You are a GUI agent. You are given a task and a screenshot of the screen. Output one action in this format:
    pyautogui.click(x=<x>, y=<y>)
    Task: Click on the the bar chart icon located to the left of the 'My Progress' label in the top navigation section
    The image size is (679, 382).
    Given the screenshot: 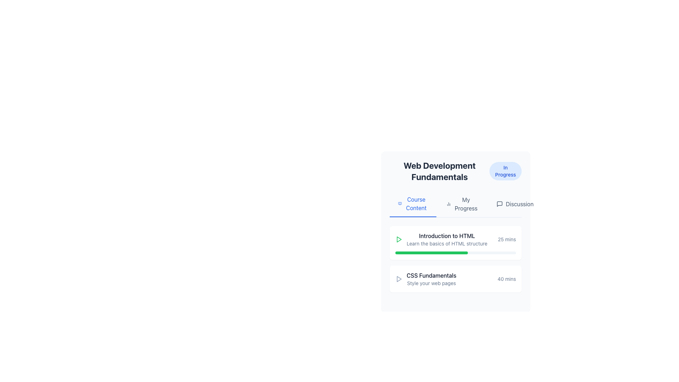 What is the action you would take?
    pyautogui.click(x=448, y=204)
    